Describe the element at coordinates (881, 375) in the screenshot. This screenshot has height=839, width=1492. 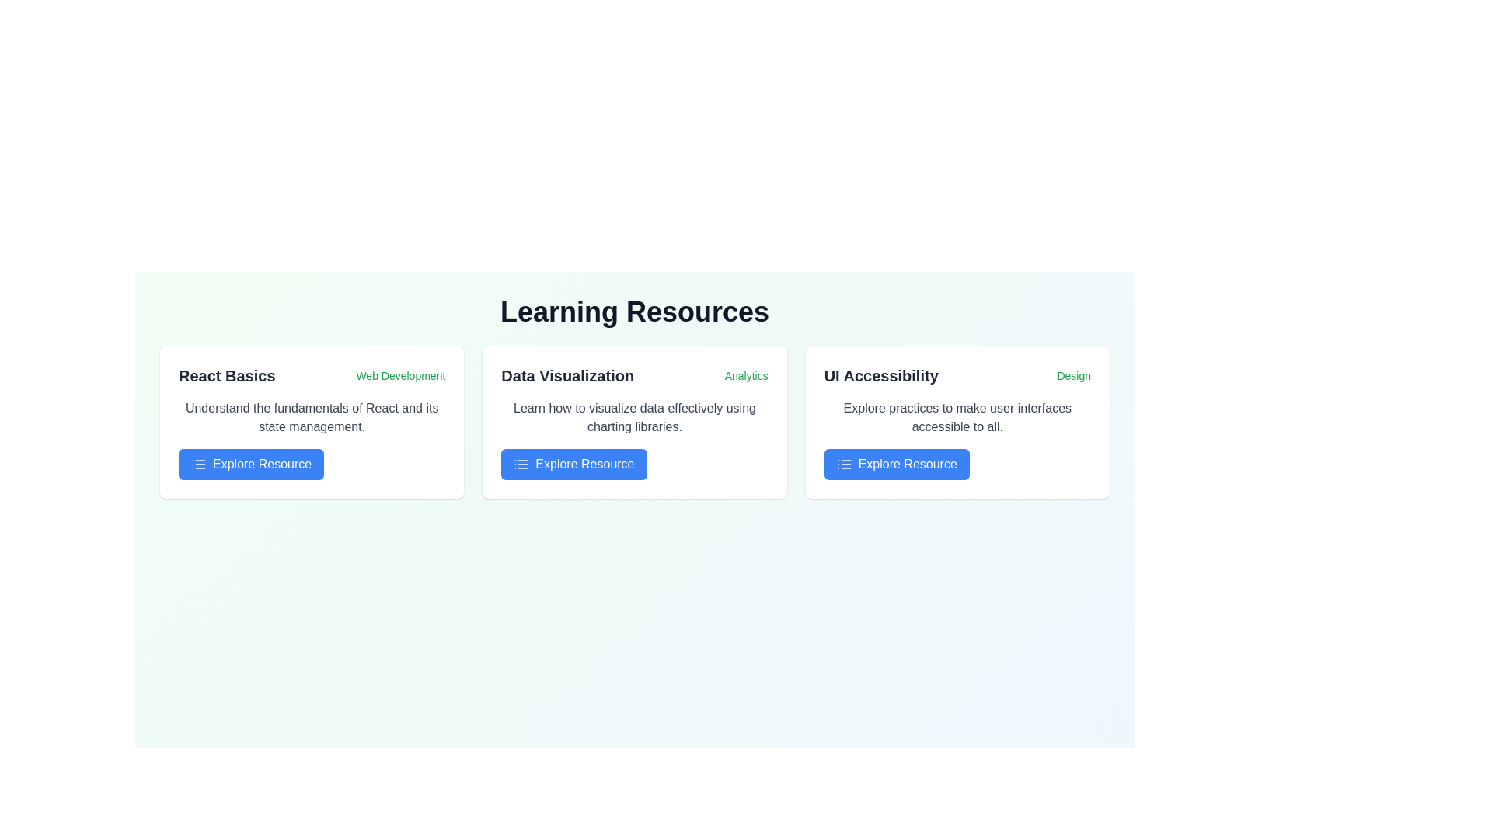
I see `the Header text element that indicates the topic of user interface accessibility in the Learning Resources section, positioned at the top-right area of the third column` at that location.